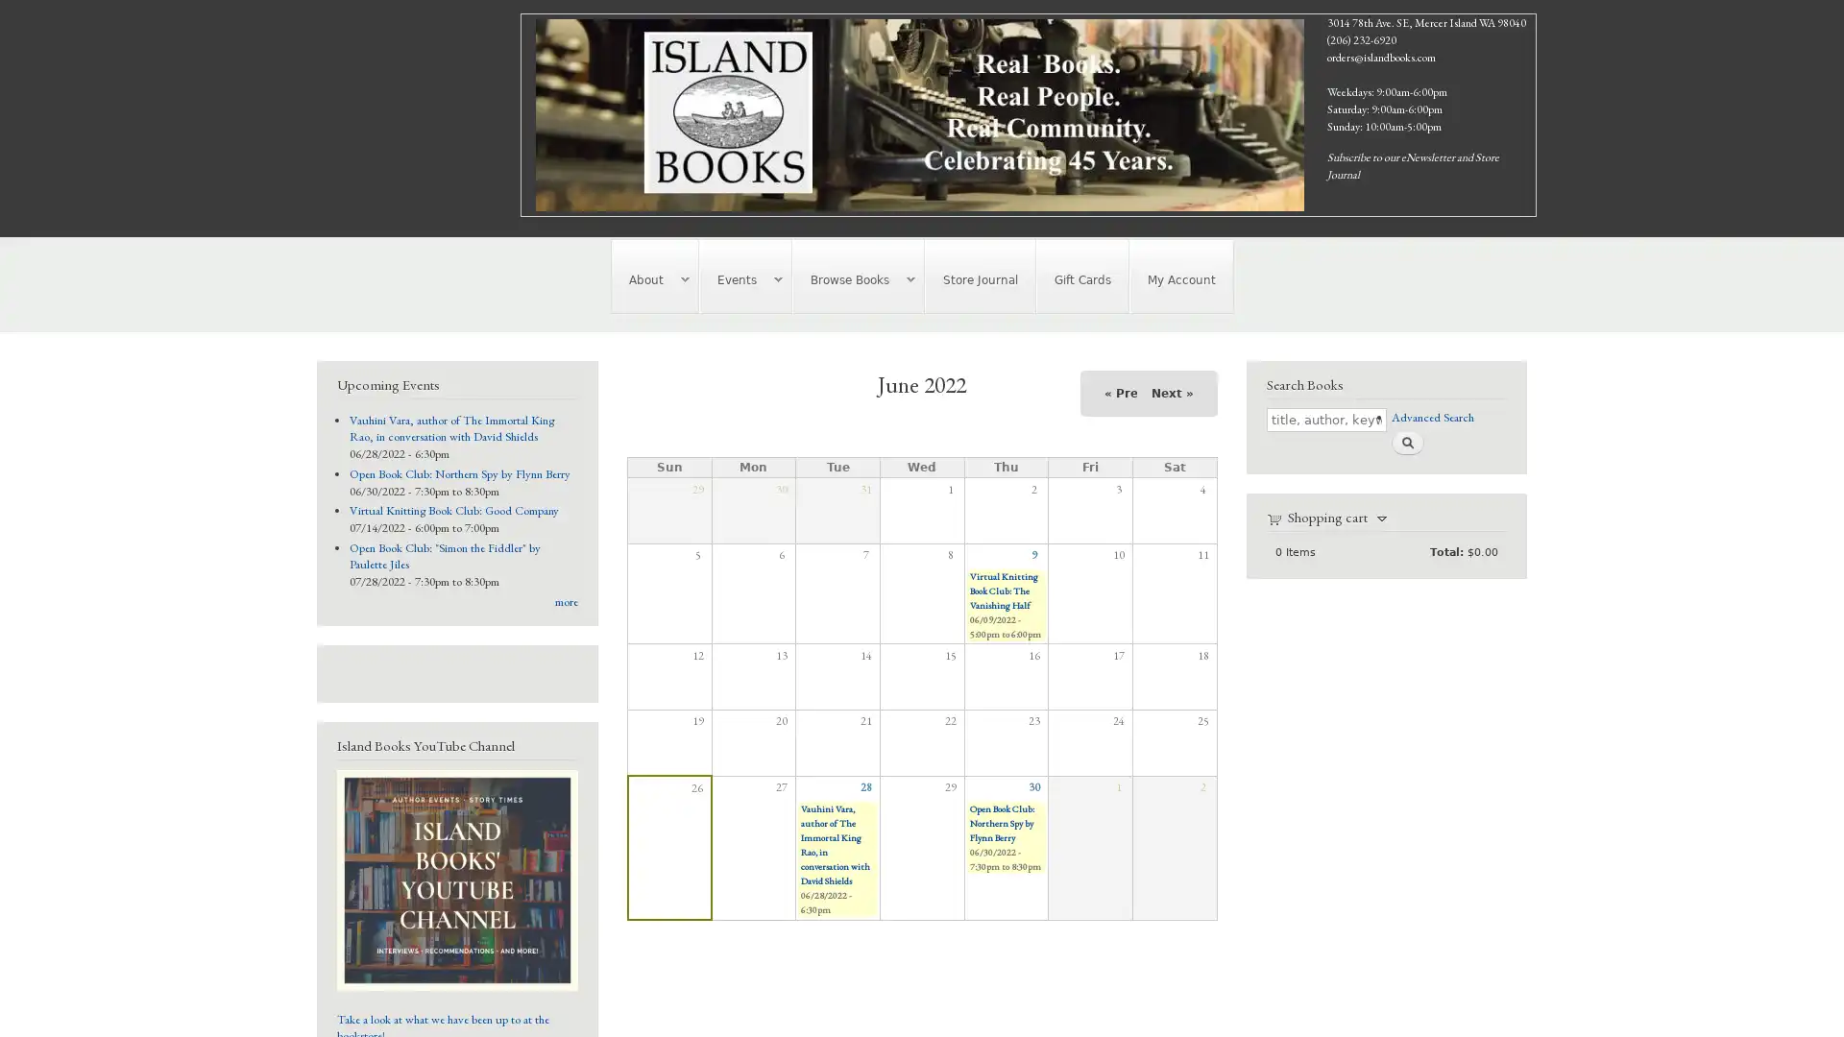  Describe the element at coordinates (1406, 443) in the screenshot. I see `Search` at that location.